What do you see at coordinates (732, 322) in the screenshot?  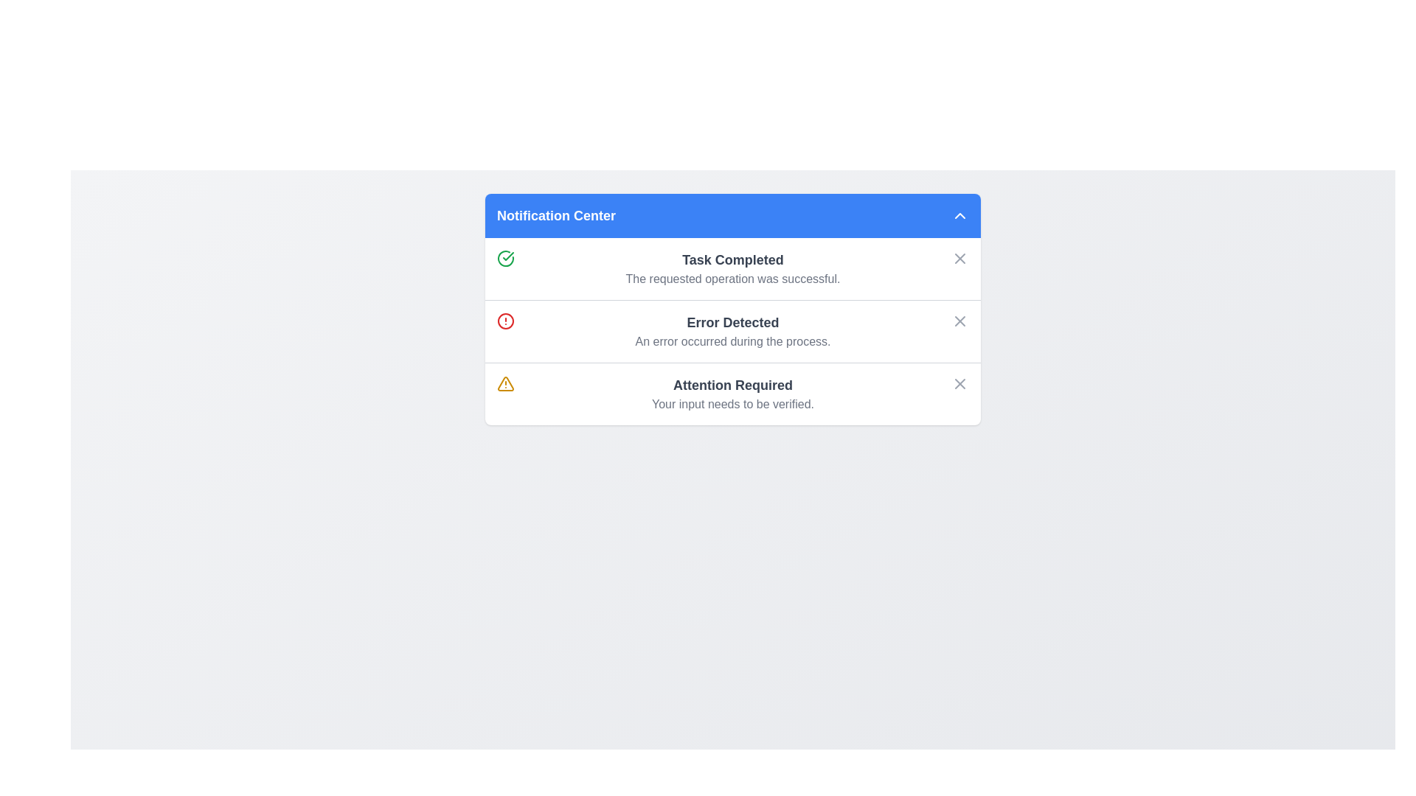 I see `the text label that displays 'Error Detected', which is styled prominently in bold, dark gray text and is part of a notification group` at bounding box center [732, 322].